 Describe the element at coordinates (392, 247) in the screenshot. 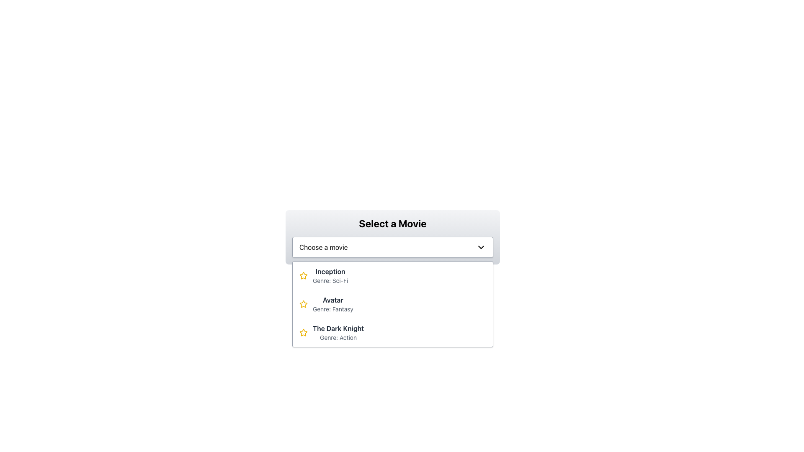

I see `the dropdown menu labeled 'Choose a movie'` at that location.